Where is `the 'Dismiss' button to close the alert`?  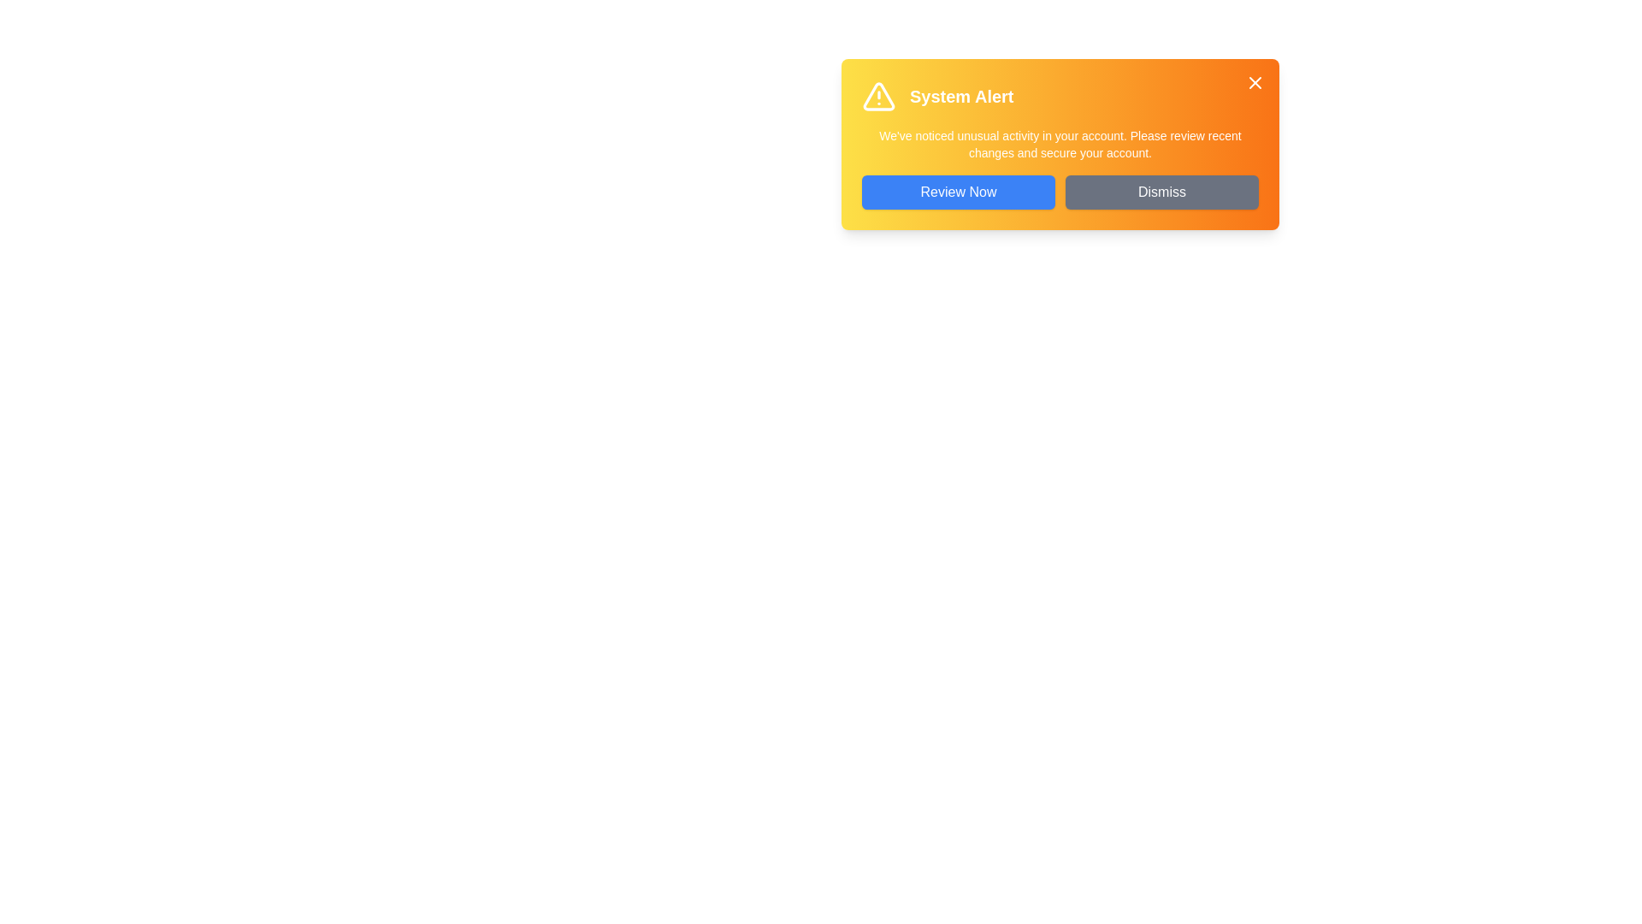 the 'Dismiss' button to close the alert is located at coordinates (1161, 192).